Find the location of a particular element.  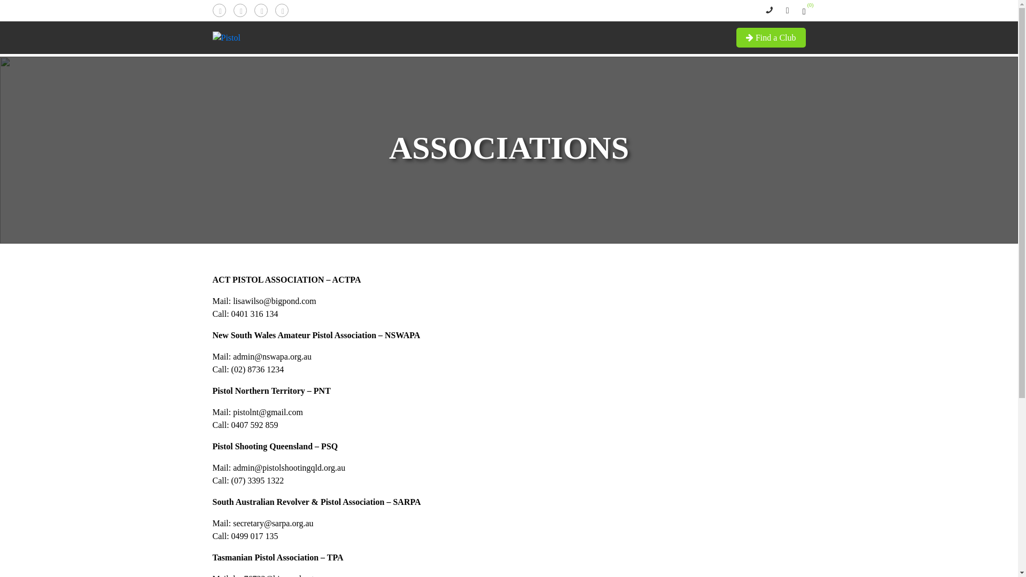

'instagram' is located at coordinates (261, 10).